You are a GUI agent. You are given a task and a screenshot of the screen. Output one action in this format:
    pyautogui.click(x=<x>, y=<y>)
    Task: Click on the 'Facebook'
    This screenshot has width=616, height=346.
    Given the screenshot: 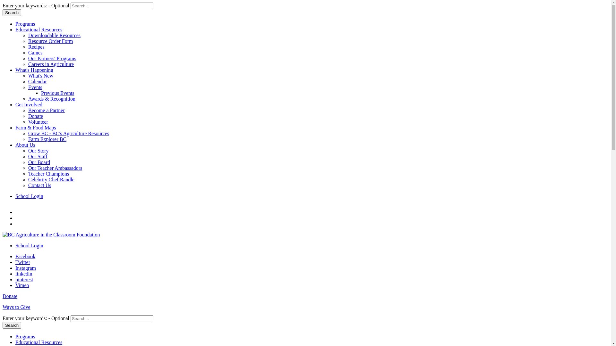 What is the action you would take?
    pyautogui.click(x=25, y=256)
    